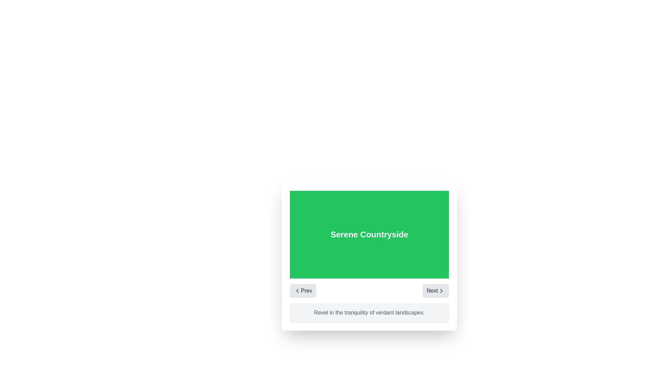  Describe the element at coordinates (435, 291) in the screenshot. I see `the 'Next' button located at the bottom-right section of the card layout, which has rounded corners, a light gray background, and an arrow indicating navigation` at that location.